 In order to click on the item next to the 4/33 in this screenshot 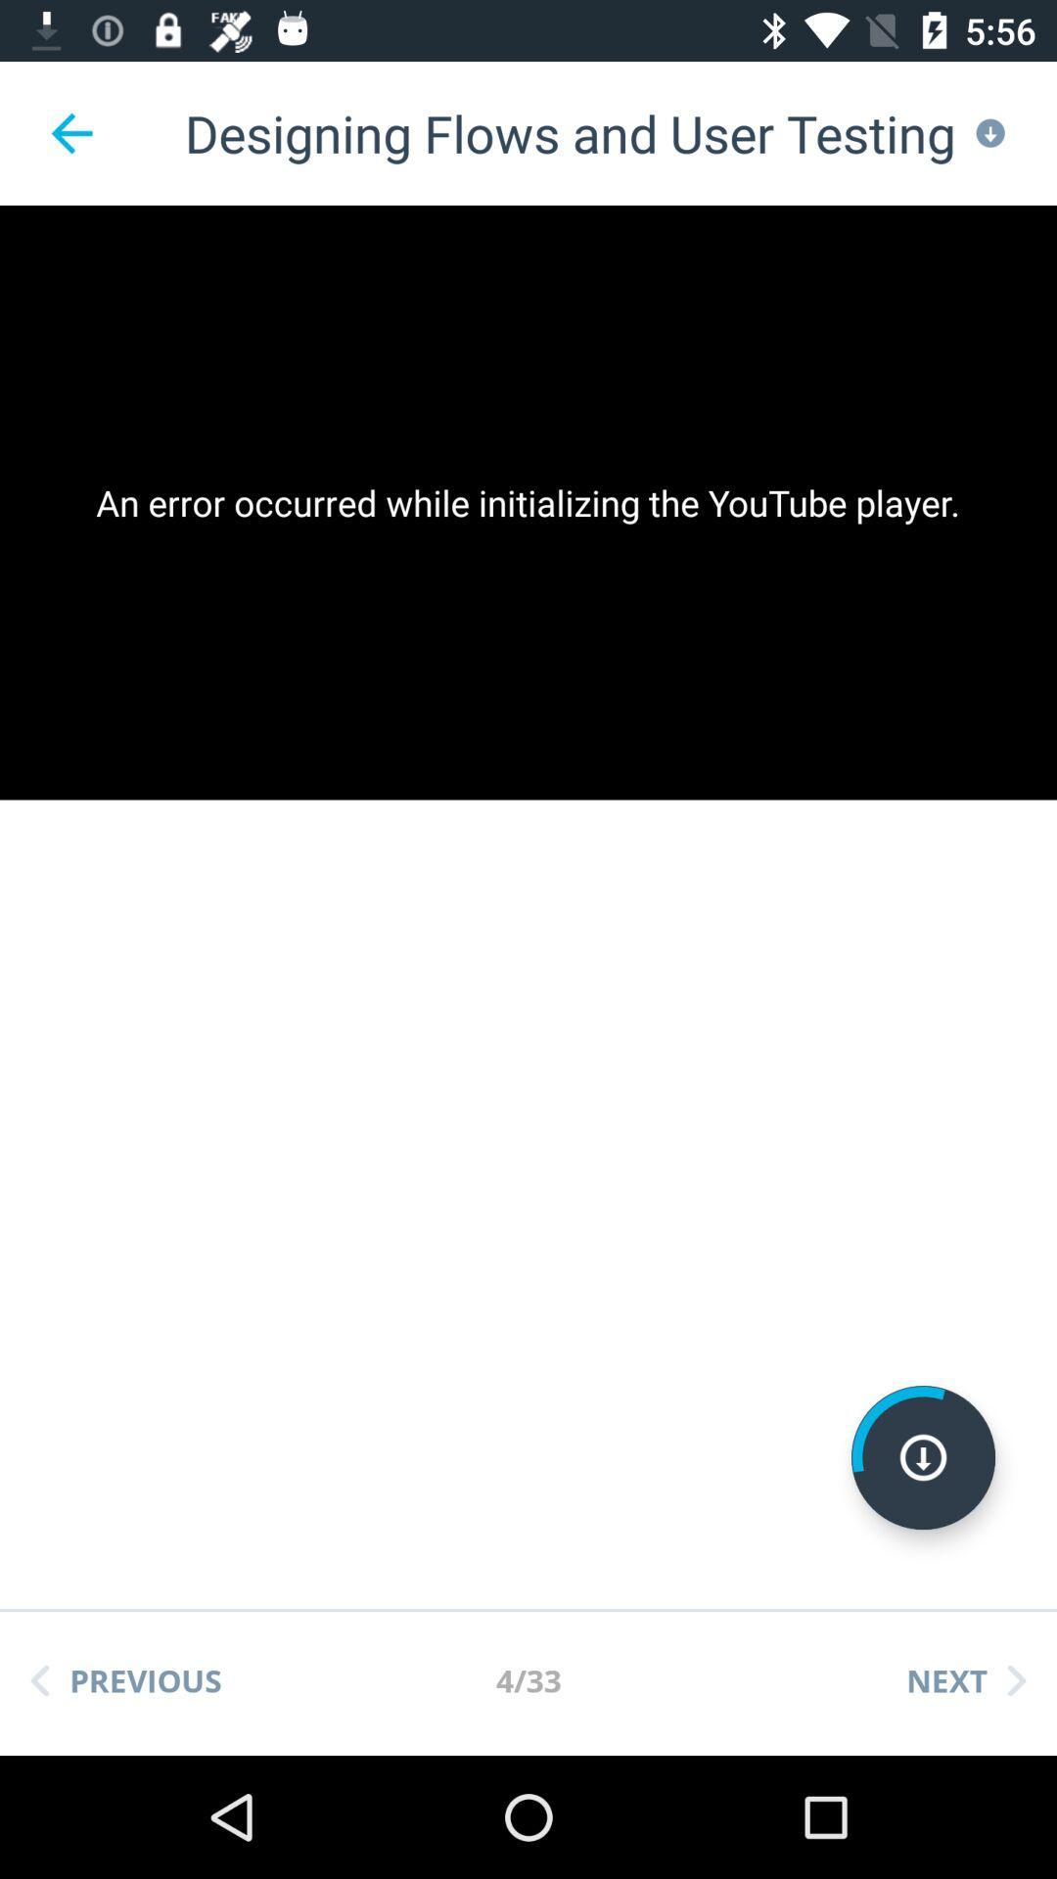, I will do `click(965, 1679)`.